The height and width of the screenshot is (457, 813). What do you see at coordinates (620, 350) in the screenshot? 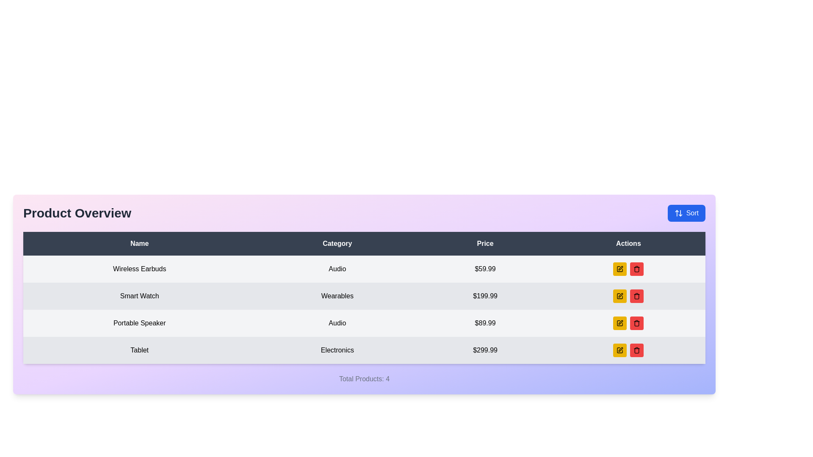
I see `the 'Edit' button` at bounding box center [620, 350].